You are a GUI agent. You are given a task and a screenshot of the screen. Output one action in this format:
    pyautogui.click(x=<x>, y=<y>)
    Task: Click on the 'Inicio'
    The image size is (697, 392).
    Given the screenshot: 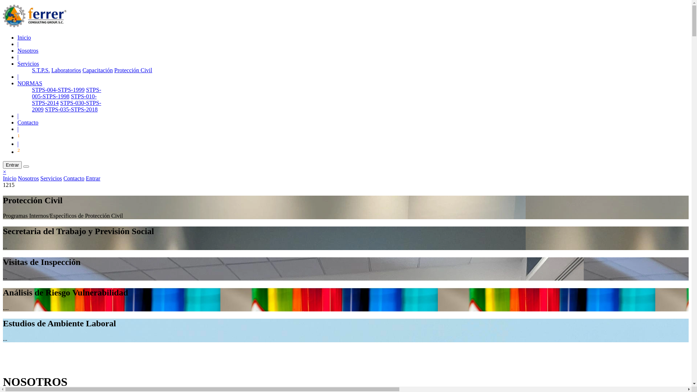 What is the action you would take?
    pyautogui.click(x=24, y=37)
    